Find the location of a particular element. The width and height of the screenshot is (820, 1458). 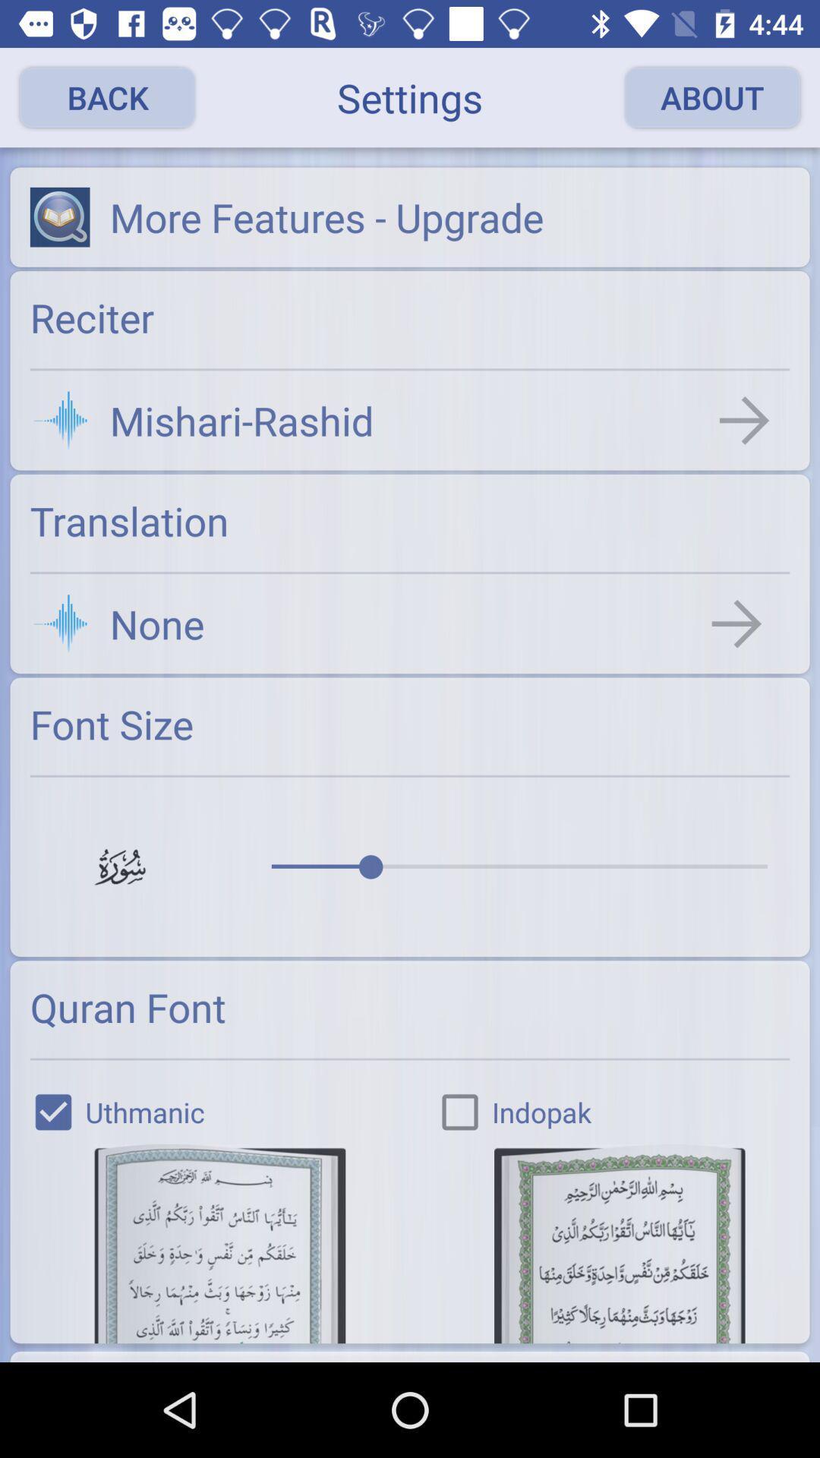

change the font to indopak is located at coordinates (620, 1243).